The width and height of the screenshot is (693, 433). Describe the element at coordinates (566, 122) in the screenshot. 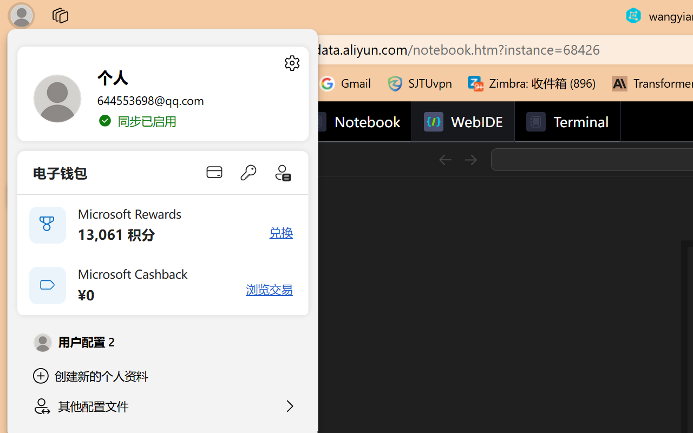

I see `'Terminal'` at that location.